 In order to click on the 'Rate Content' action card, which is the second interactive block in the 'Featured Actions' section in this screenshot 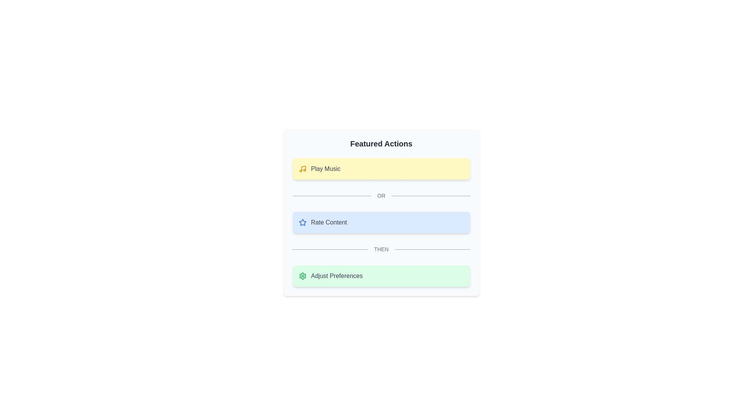, I will do `click(381, 212)`.